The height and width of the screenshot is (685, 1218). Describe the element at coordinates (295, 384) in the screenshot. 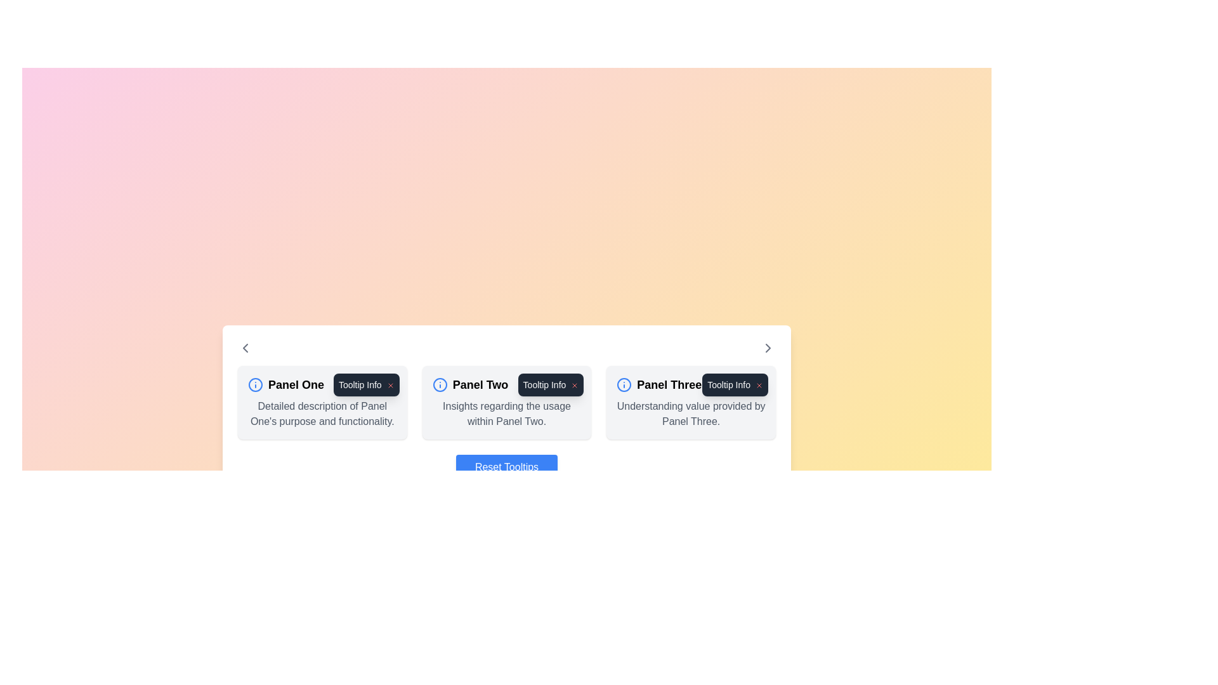

I see `text label displaying 'Panel One', which is a bold font text element located to the right of an information icon in the left portion of a three-section layout` at that location.